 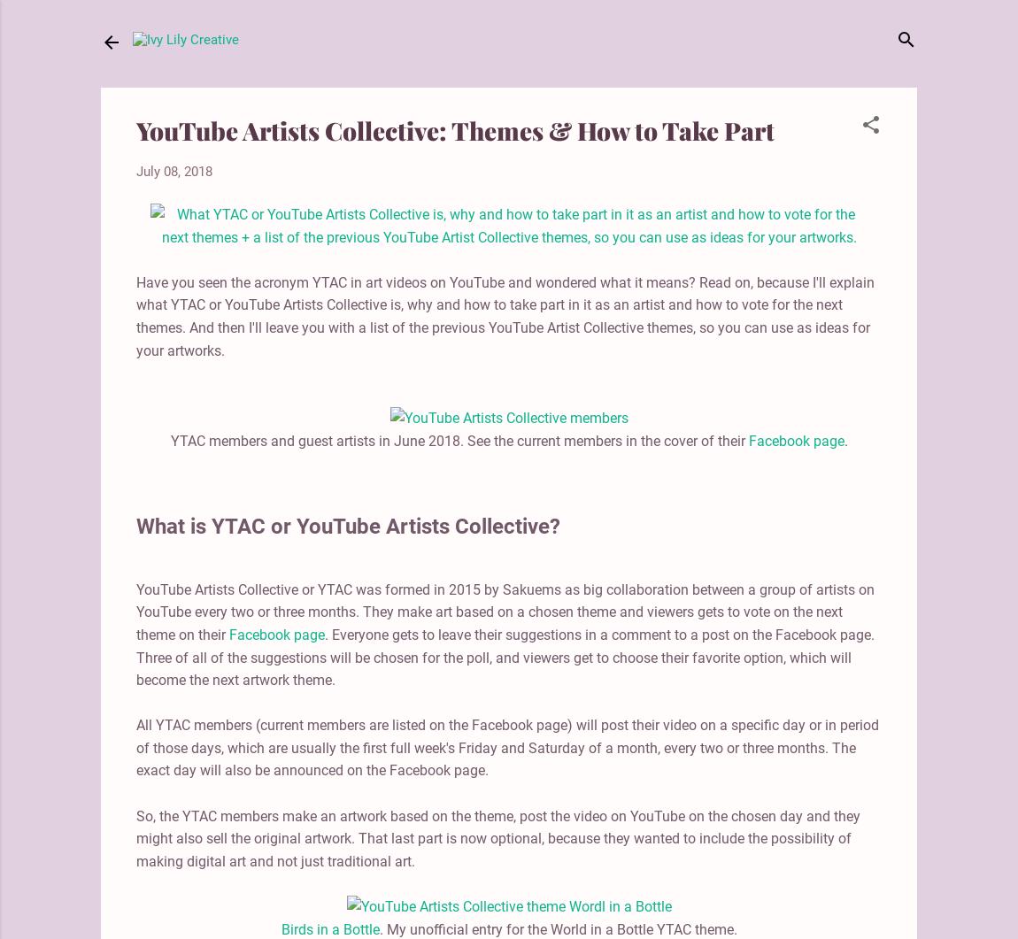 I want to click on 'So, the YTAC members make an artwork based on the theme, post the video on YouTube on the chosen day and they might also sell the original artwork. That last part is now optional, because they wanted to include the possibility of making digital art and not just traditional art.', so click(x=498, y=837).